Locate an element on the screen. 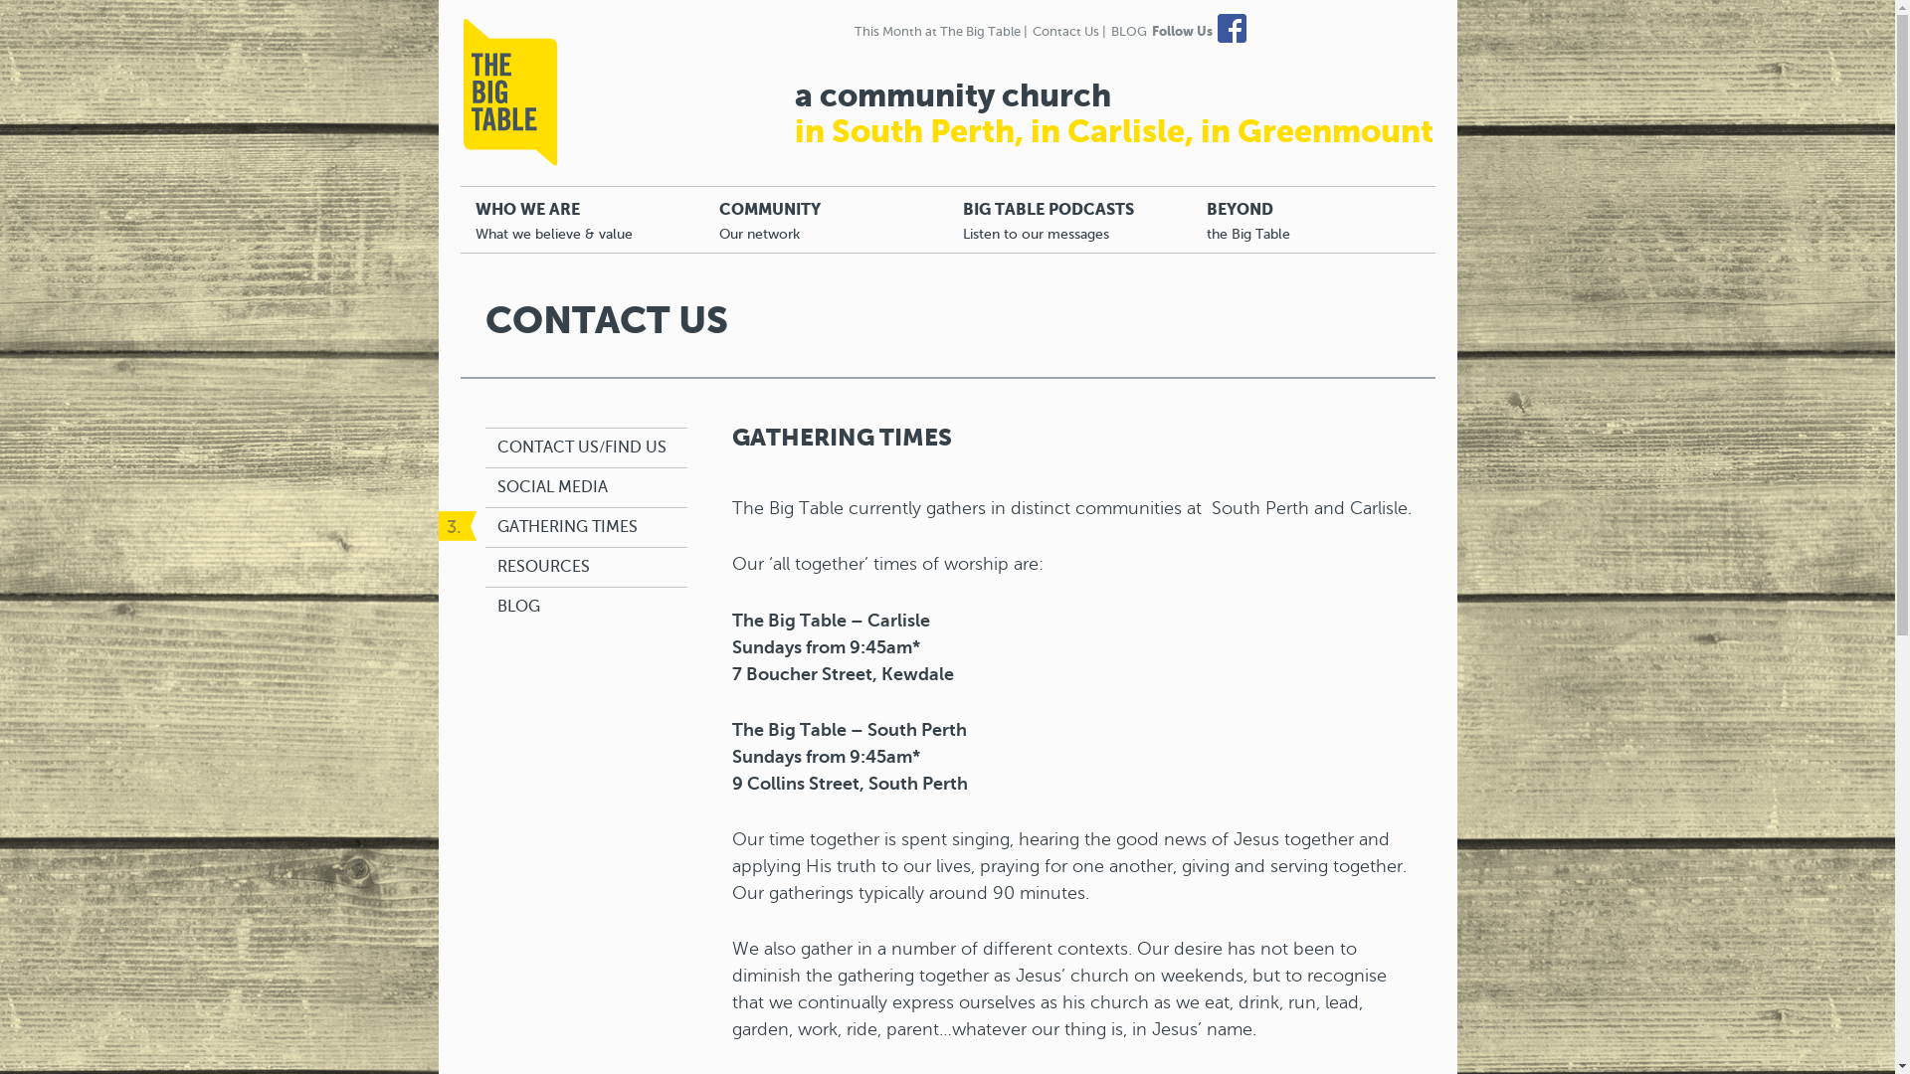  'The Big Table' is located at coordinates (510, 91).